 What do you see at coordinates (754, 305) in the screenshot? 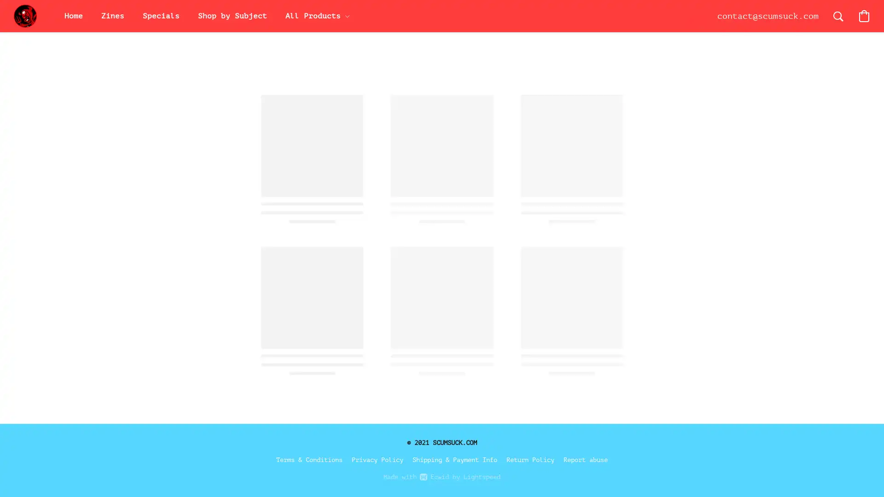
I see `Accept All Cookies` at bounding box center [754, 305].